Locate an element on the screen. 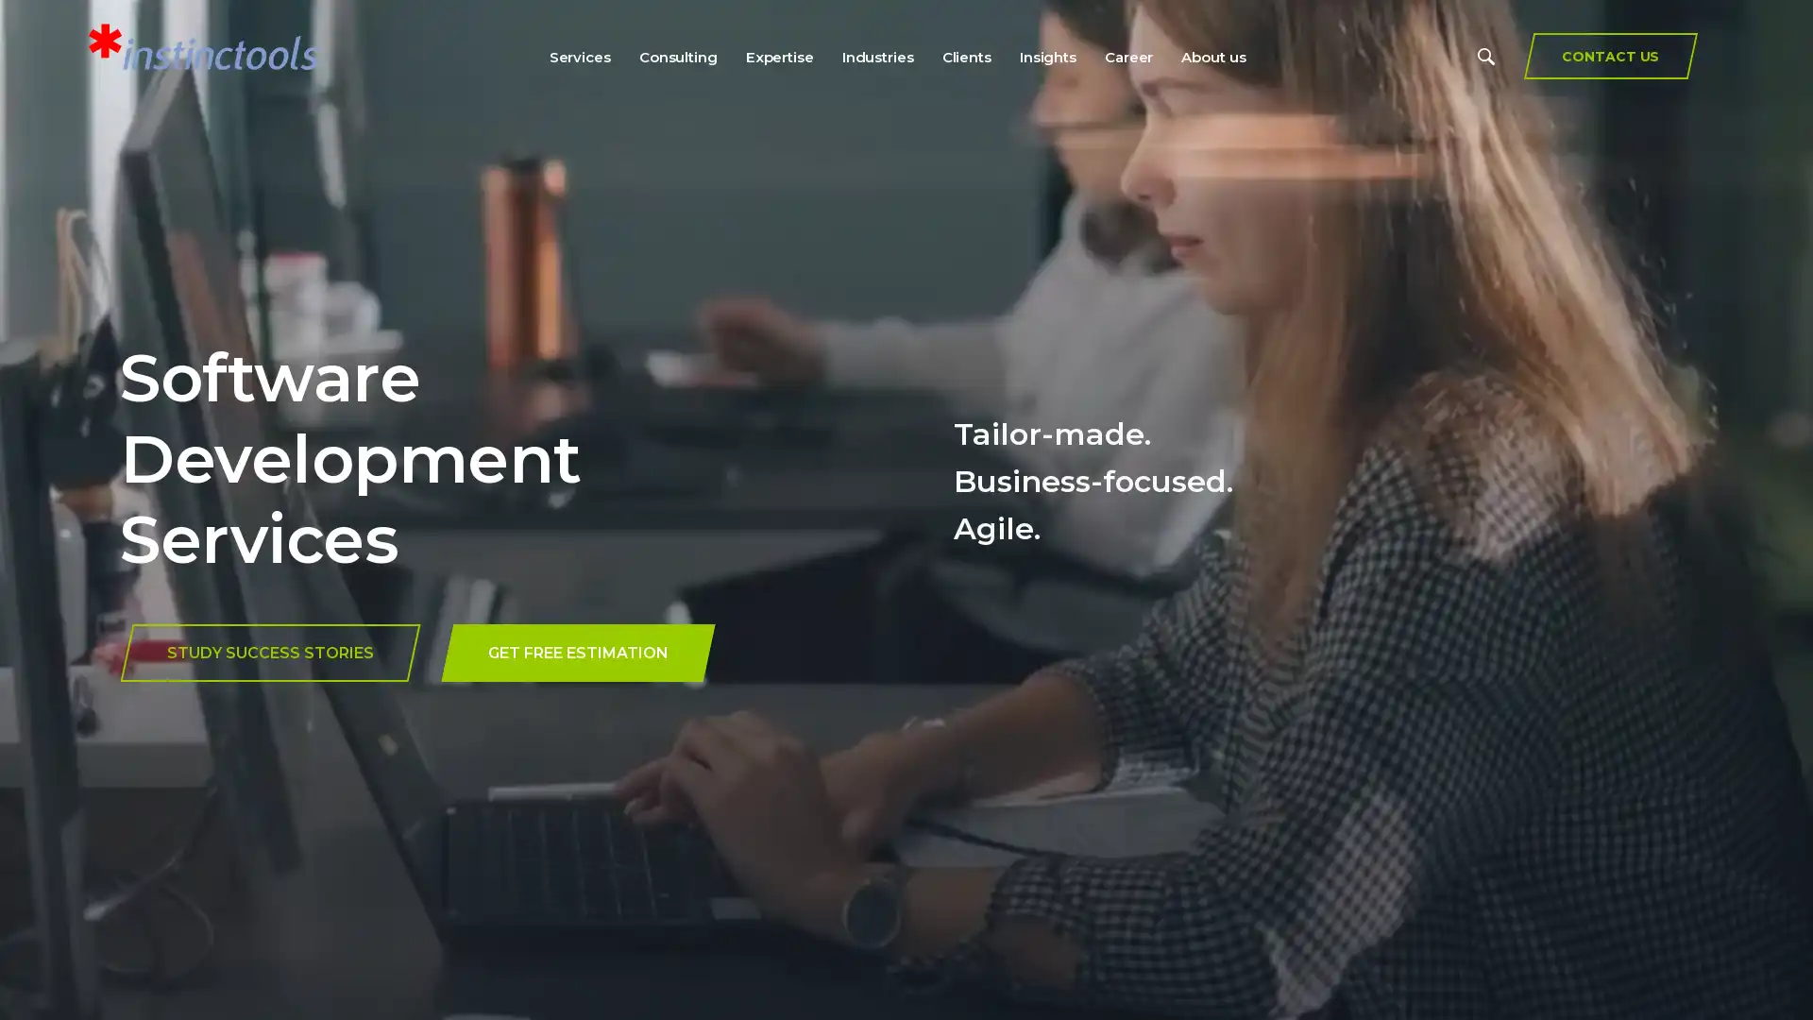 This screenshot has width=1813, height=1020. GET FREE ESTIMATION is located at coordinates (576, 651).